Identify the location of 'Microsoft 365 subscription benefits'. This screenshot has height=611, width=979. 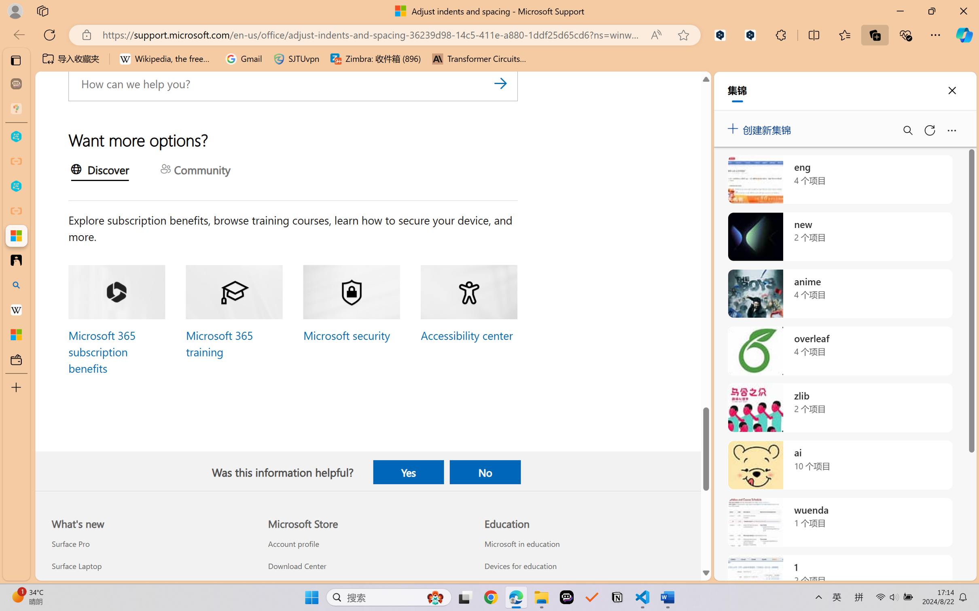
(102, 351).